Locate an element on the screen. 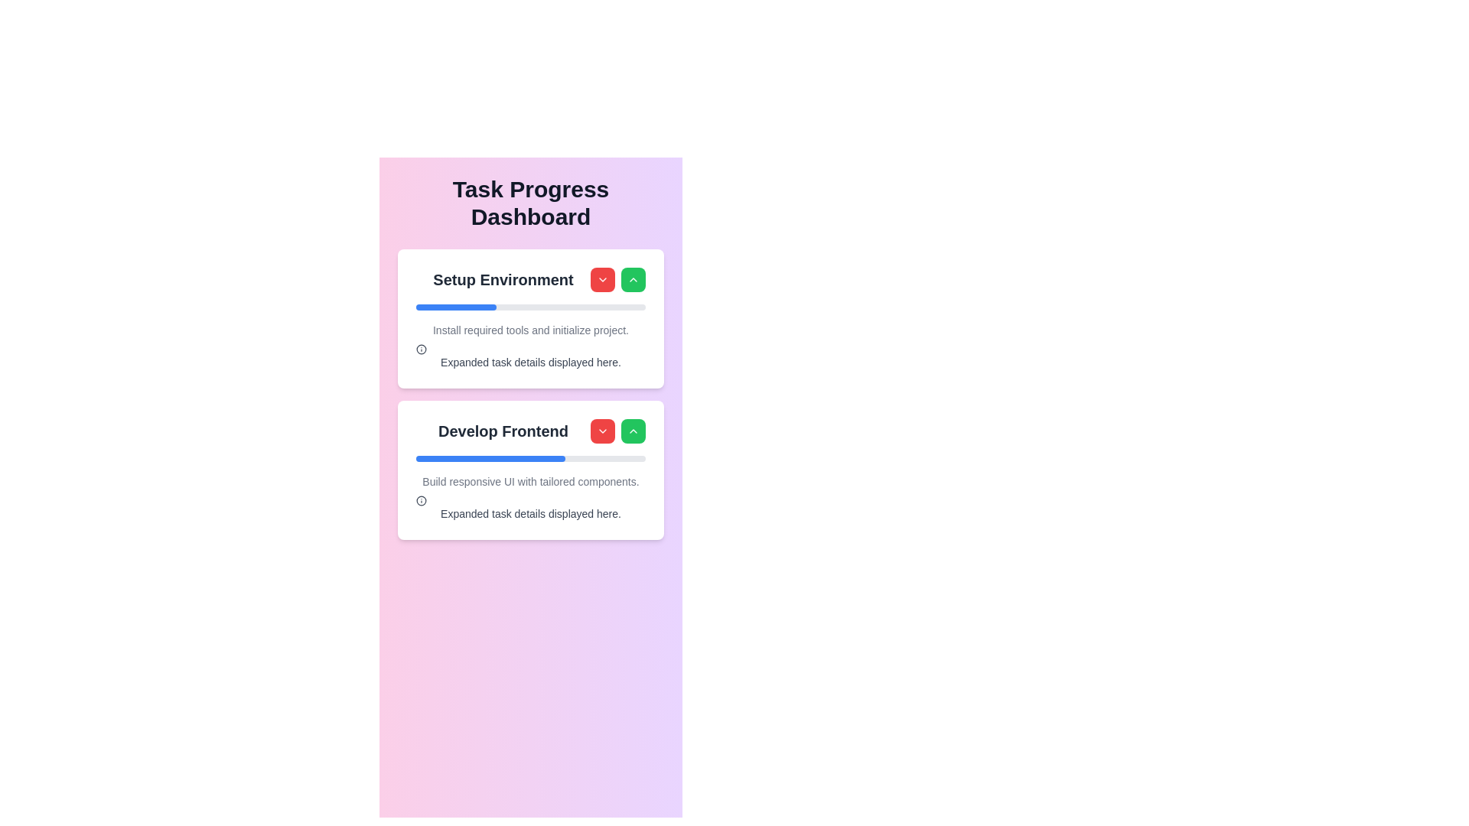 This screenshot has height=826, width=1469. the green circular button icon located at the top-right of the 'Setup Environment' card to observe potential changes or tooltips is located at coordinates (634, 431).